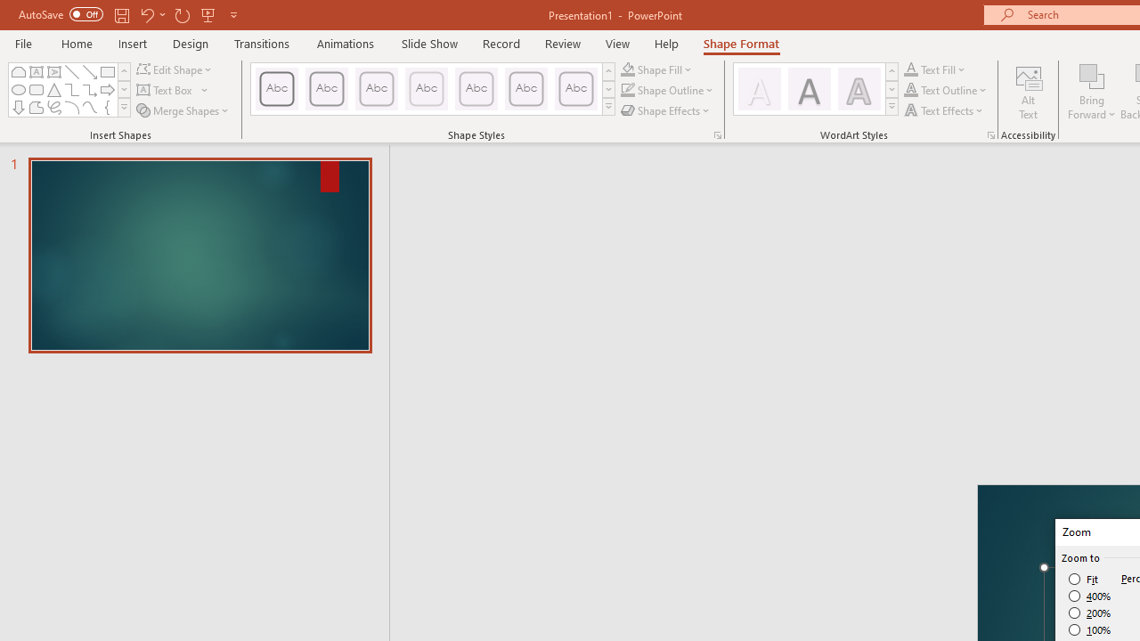 The width and height of the screenshot is (1140, 641). What do you see at coordinates (665, 110) in the screenshot?
I see `'Shape Effects'` at bounding box center [665, 110].